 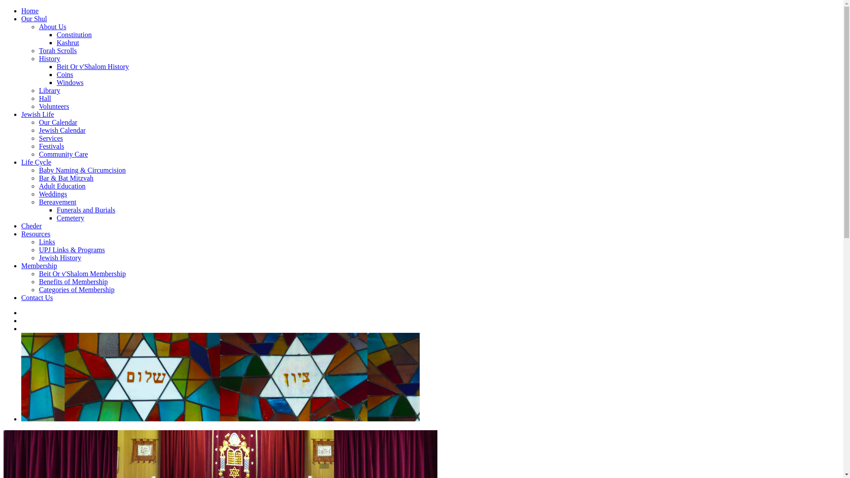 What do you see at coordinates (53, 193) in the screenshot?
I see `'Weddings'` at bounding box center [53, 193].